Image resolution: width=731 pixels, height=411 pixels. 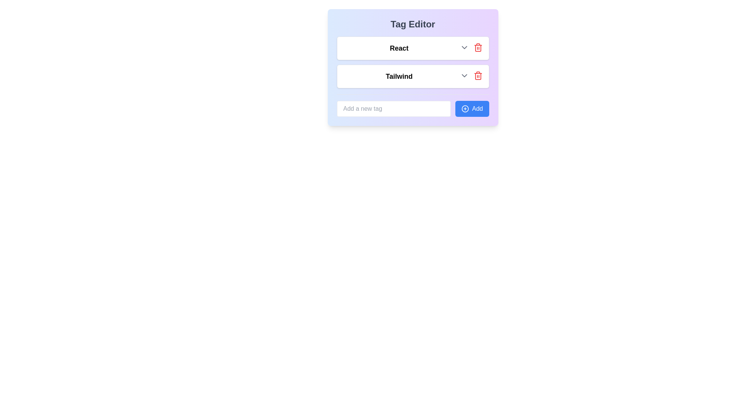 I want to click on the button located in the top-right area of the 'React' tag row, so click(x=477, y=47).